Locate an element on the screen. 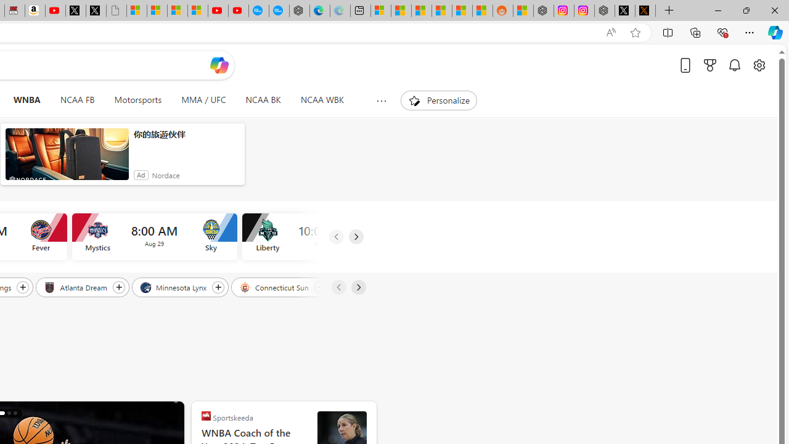  'Shanghai, China Weather trends | Microsoft Weather' is located at coordinates (481, 10).